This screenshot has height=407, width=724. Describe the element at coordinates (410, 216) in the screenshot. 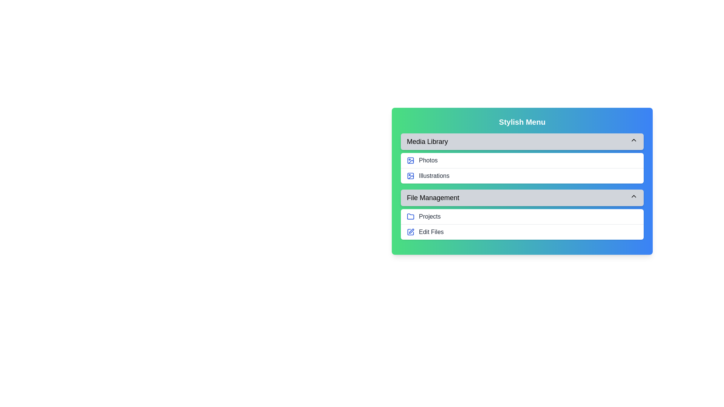

I see `the 'Projects' icon located to the left of the 'Projects' label in the 'File Management' section of the menu` at that location.